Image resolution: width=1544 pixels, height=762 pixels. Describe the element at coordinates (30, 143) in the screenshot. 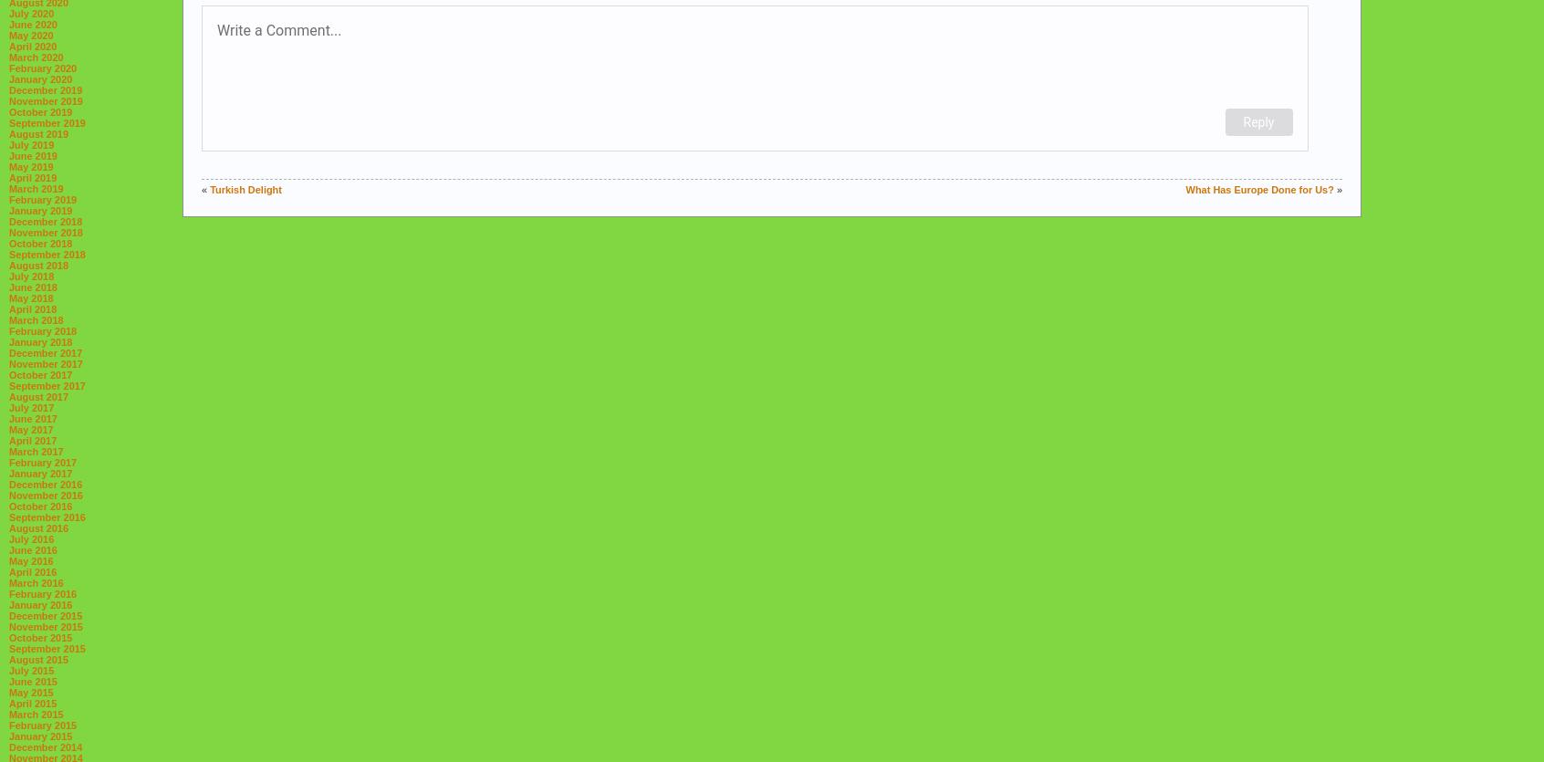

I see `'July 2019'` at that location.